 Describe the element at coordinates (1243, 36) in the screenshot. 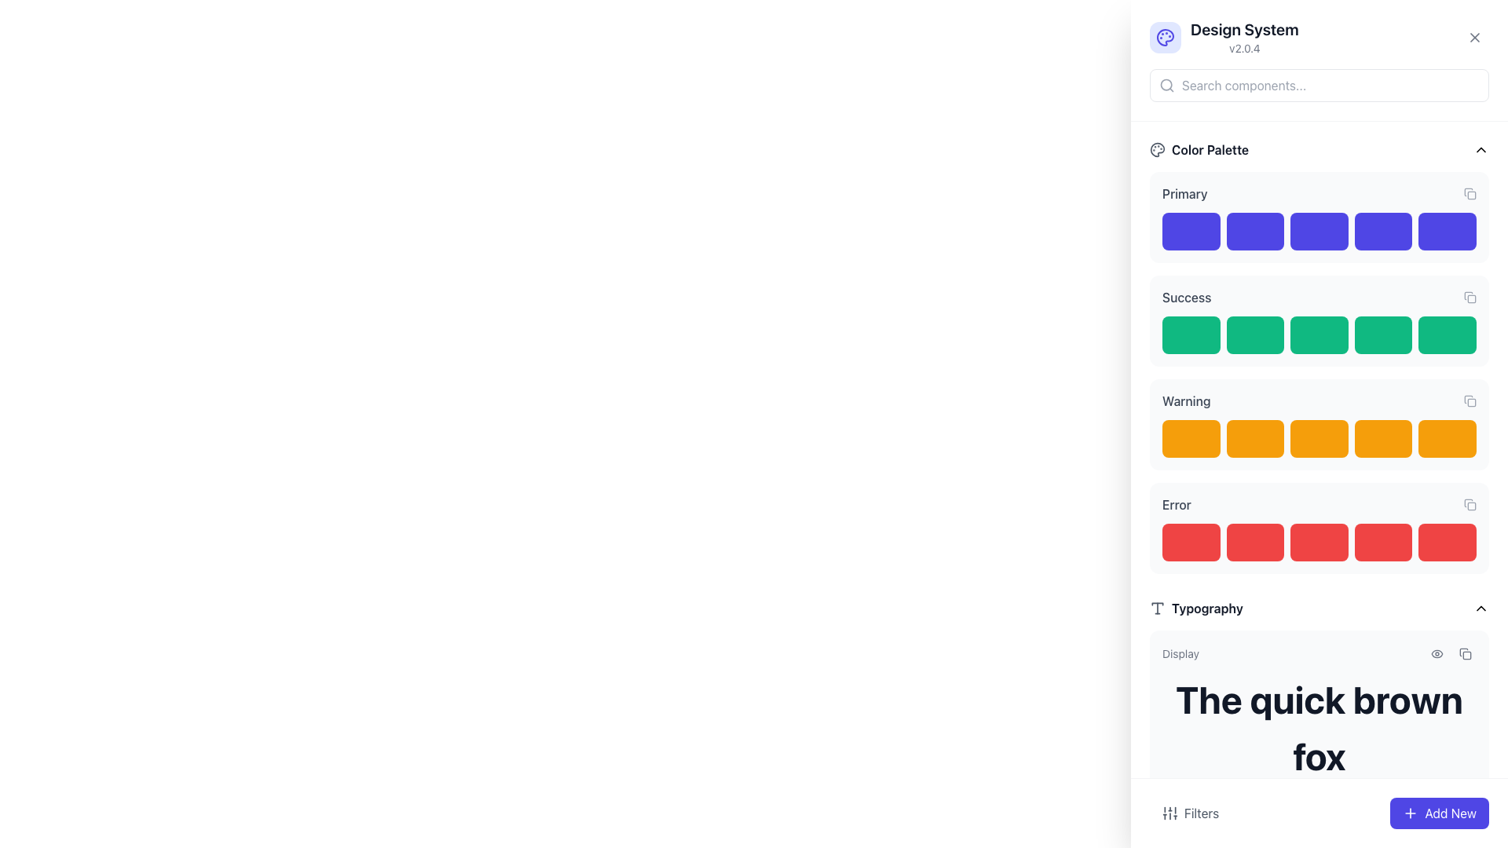

I see `the 'Design System' text label which includes the version information 'v2.0.4' located near the top-right corner of the interface` at that location.